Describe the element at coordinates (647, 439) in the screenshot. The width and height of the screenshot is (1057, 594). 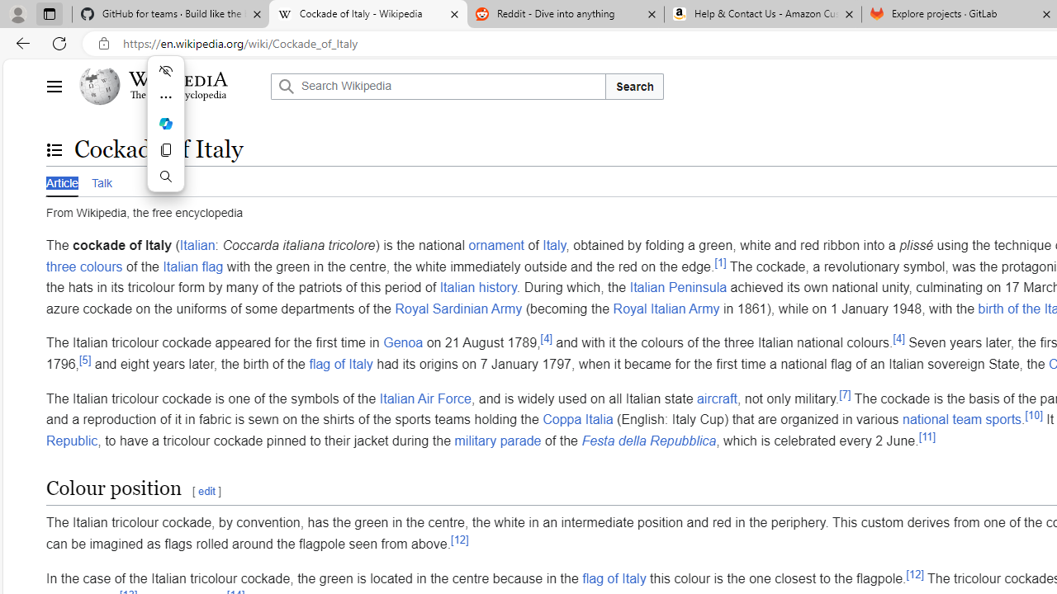
I see `'Festa della Repubblica'` at that location.